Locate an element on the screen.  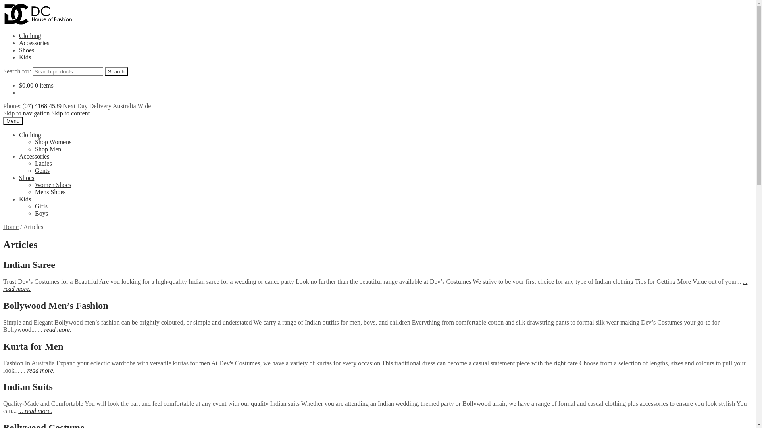
'Search' is located at coordinates (115, 71).